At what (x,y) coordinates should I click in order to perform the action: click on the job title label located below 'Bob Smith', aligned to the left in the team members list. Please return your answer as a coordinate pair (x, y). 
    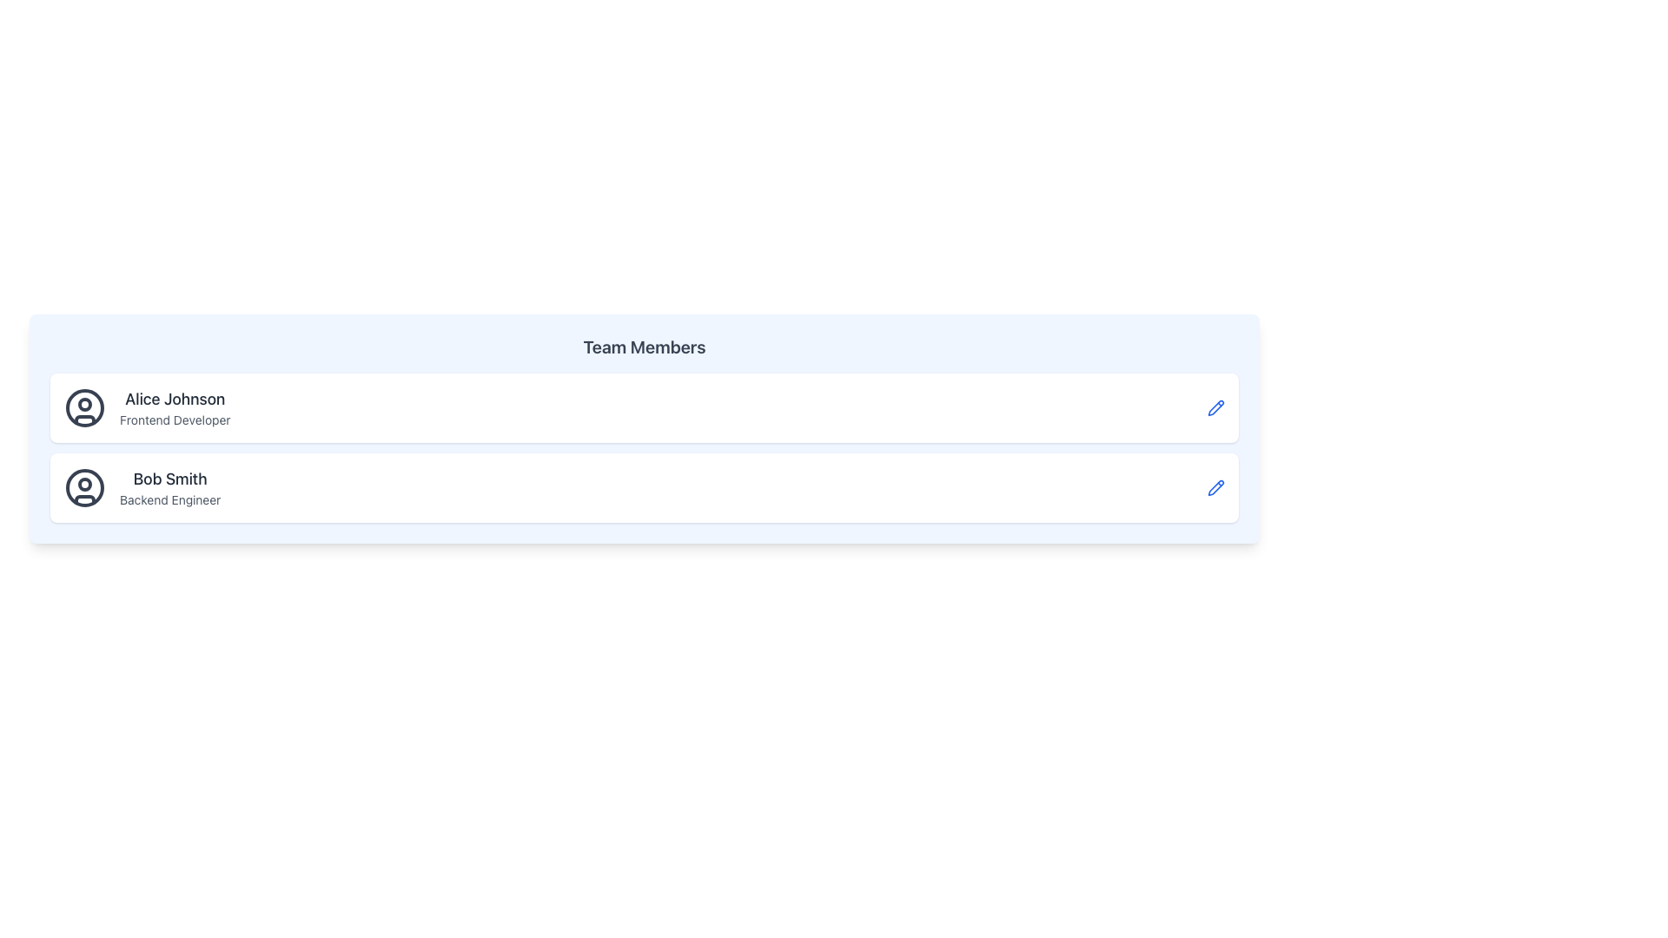
    Looking at the image, I should click on (170, 499).